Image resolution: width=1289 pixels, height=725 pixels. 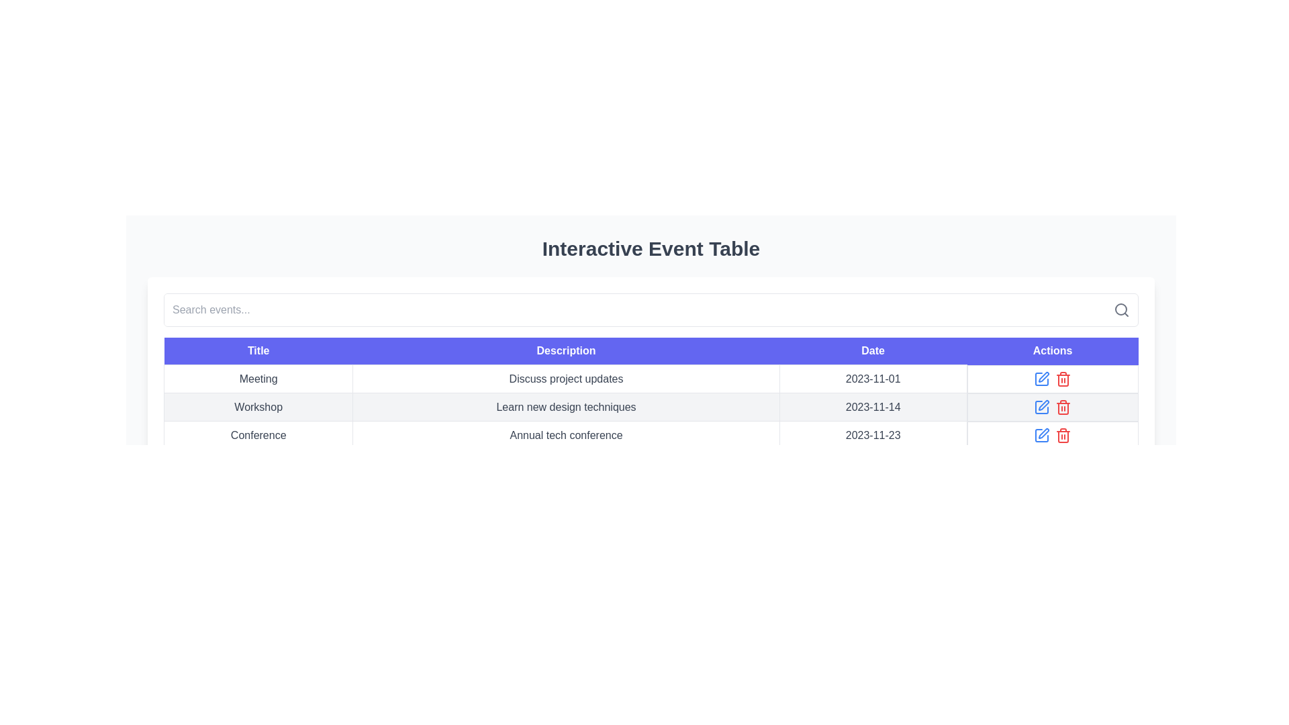 I want to click on text content of the second item in the row labeled 'Meeting' within the 'Interactive Event Table', which provides a description of the event, so click(x=566, y=379).